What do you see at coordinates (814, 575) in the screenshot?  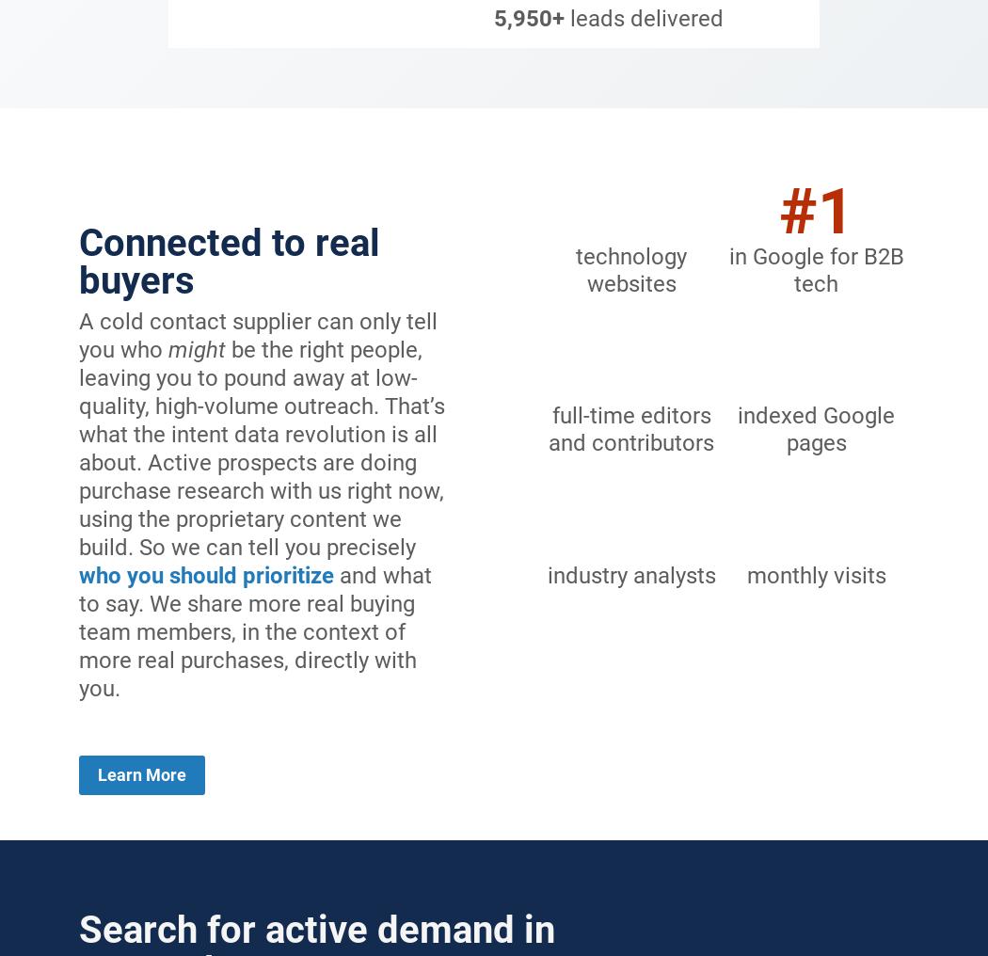 I see `'monthly visits'` at bounding box center [814, 575].